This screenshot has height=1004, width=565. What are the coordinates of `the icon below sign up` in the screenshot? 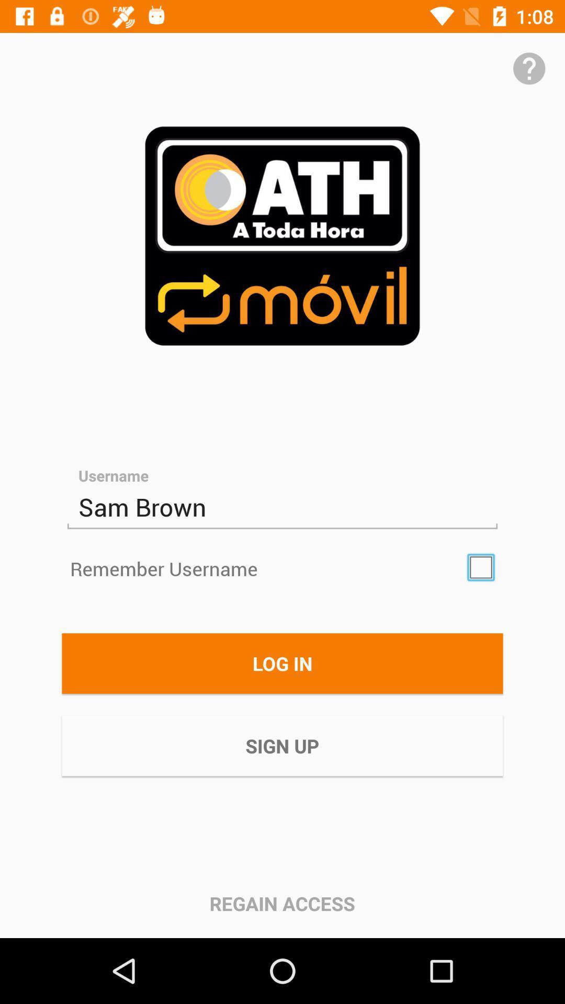 It's located at (281, 903).